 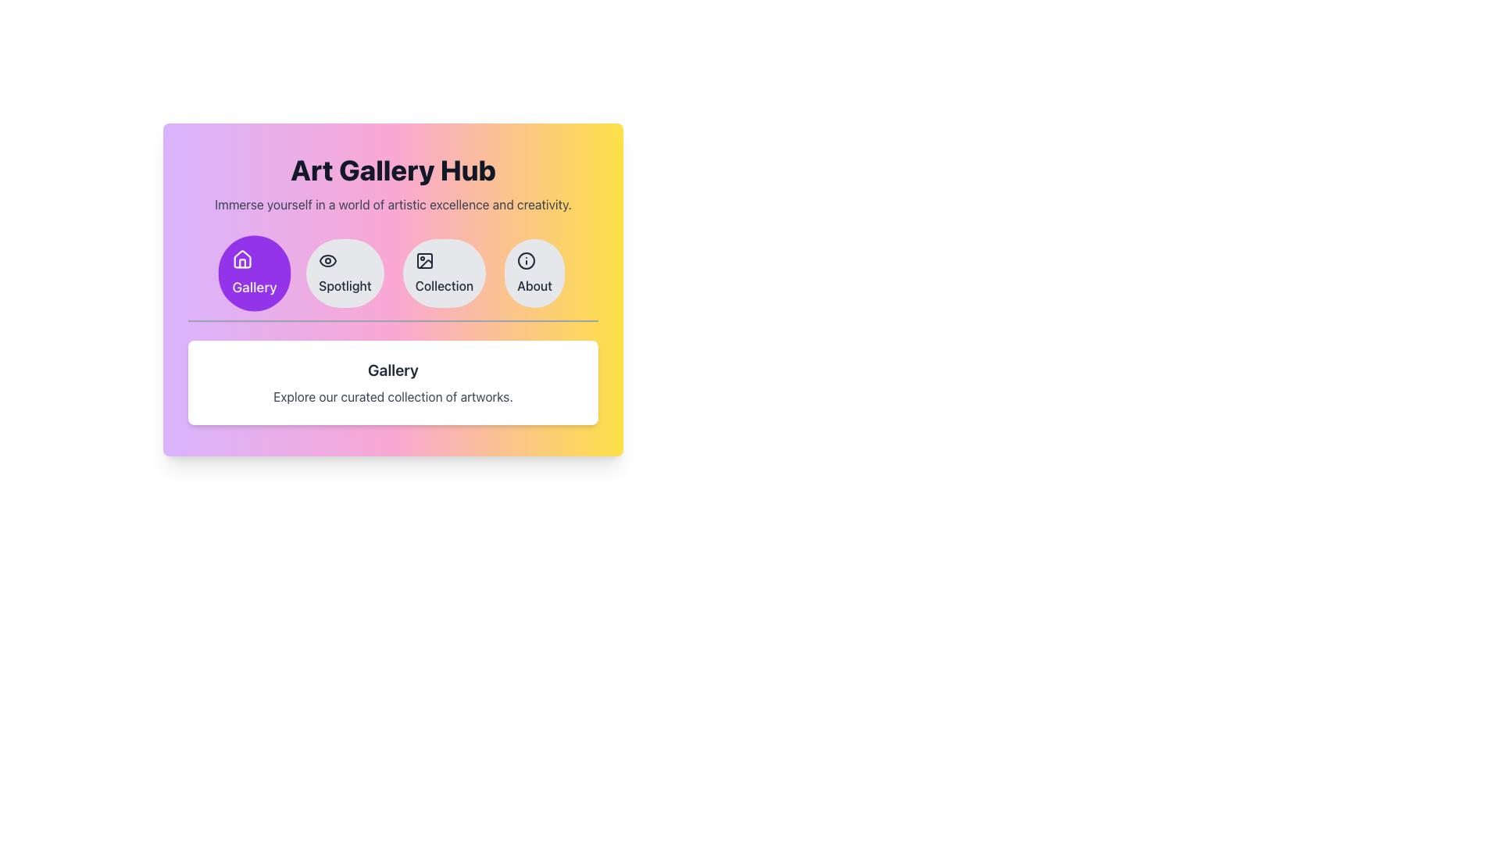 What do you see at coordinates (393, 204) in the screenshot?
I see `the Text Label element displaying 'Immerse yourself in a world of artistic excellence and creativity.' which is positioned below the title 'Art Gallery Hub'` at bounding box center [393, 204].